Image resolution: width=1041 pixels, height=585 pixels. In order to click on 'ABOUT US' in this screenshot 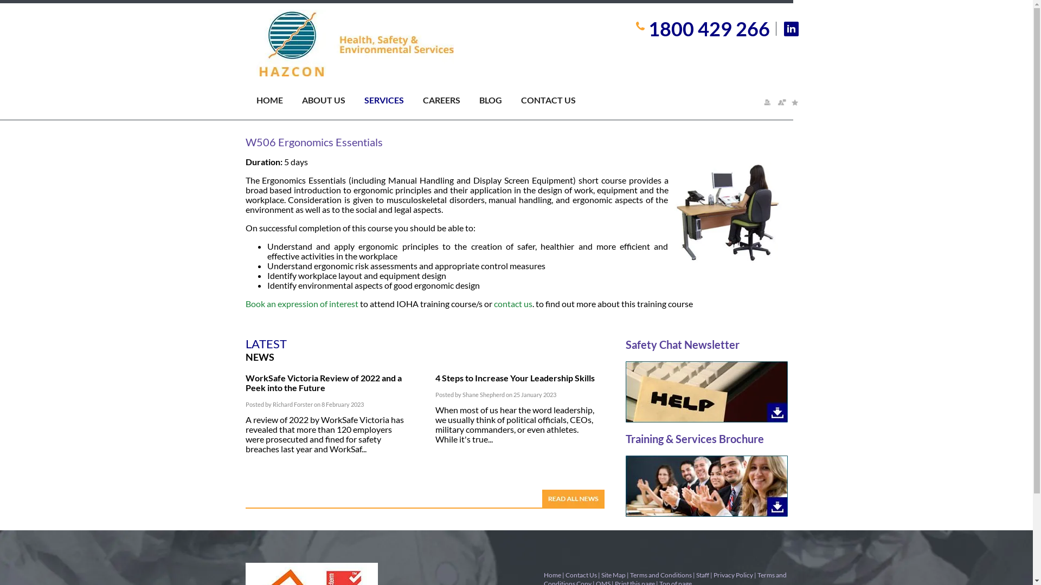, I will do `click(332, 102)`.